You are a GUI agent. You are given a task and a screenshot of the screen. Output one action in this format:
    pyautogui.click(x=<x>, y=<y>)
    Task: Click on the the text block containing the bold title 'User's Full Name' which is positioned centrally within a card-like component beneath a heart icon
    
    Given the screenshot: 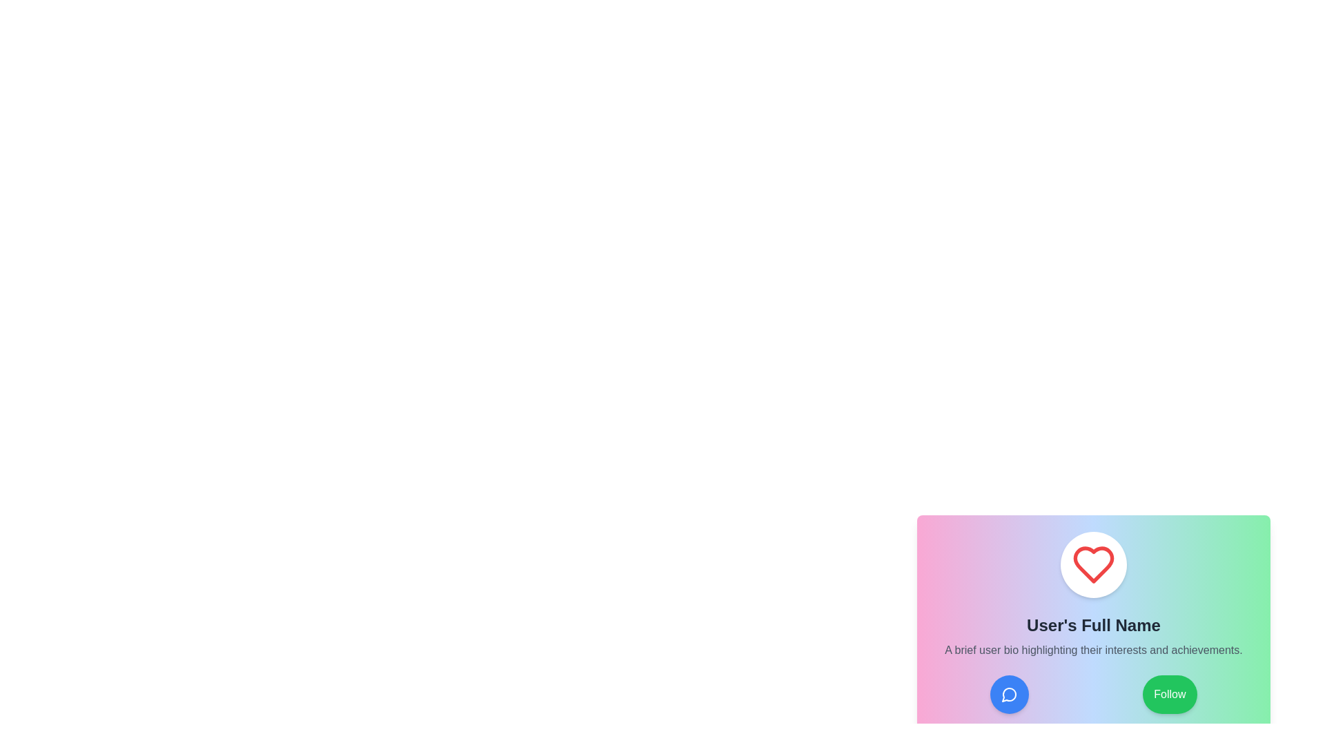 What is the action you would take?
    pyautogui.click(x=1092, y=636)
    